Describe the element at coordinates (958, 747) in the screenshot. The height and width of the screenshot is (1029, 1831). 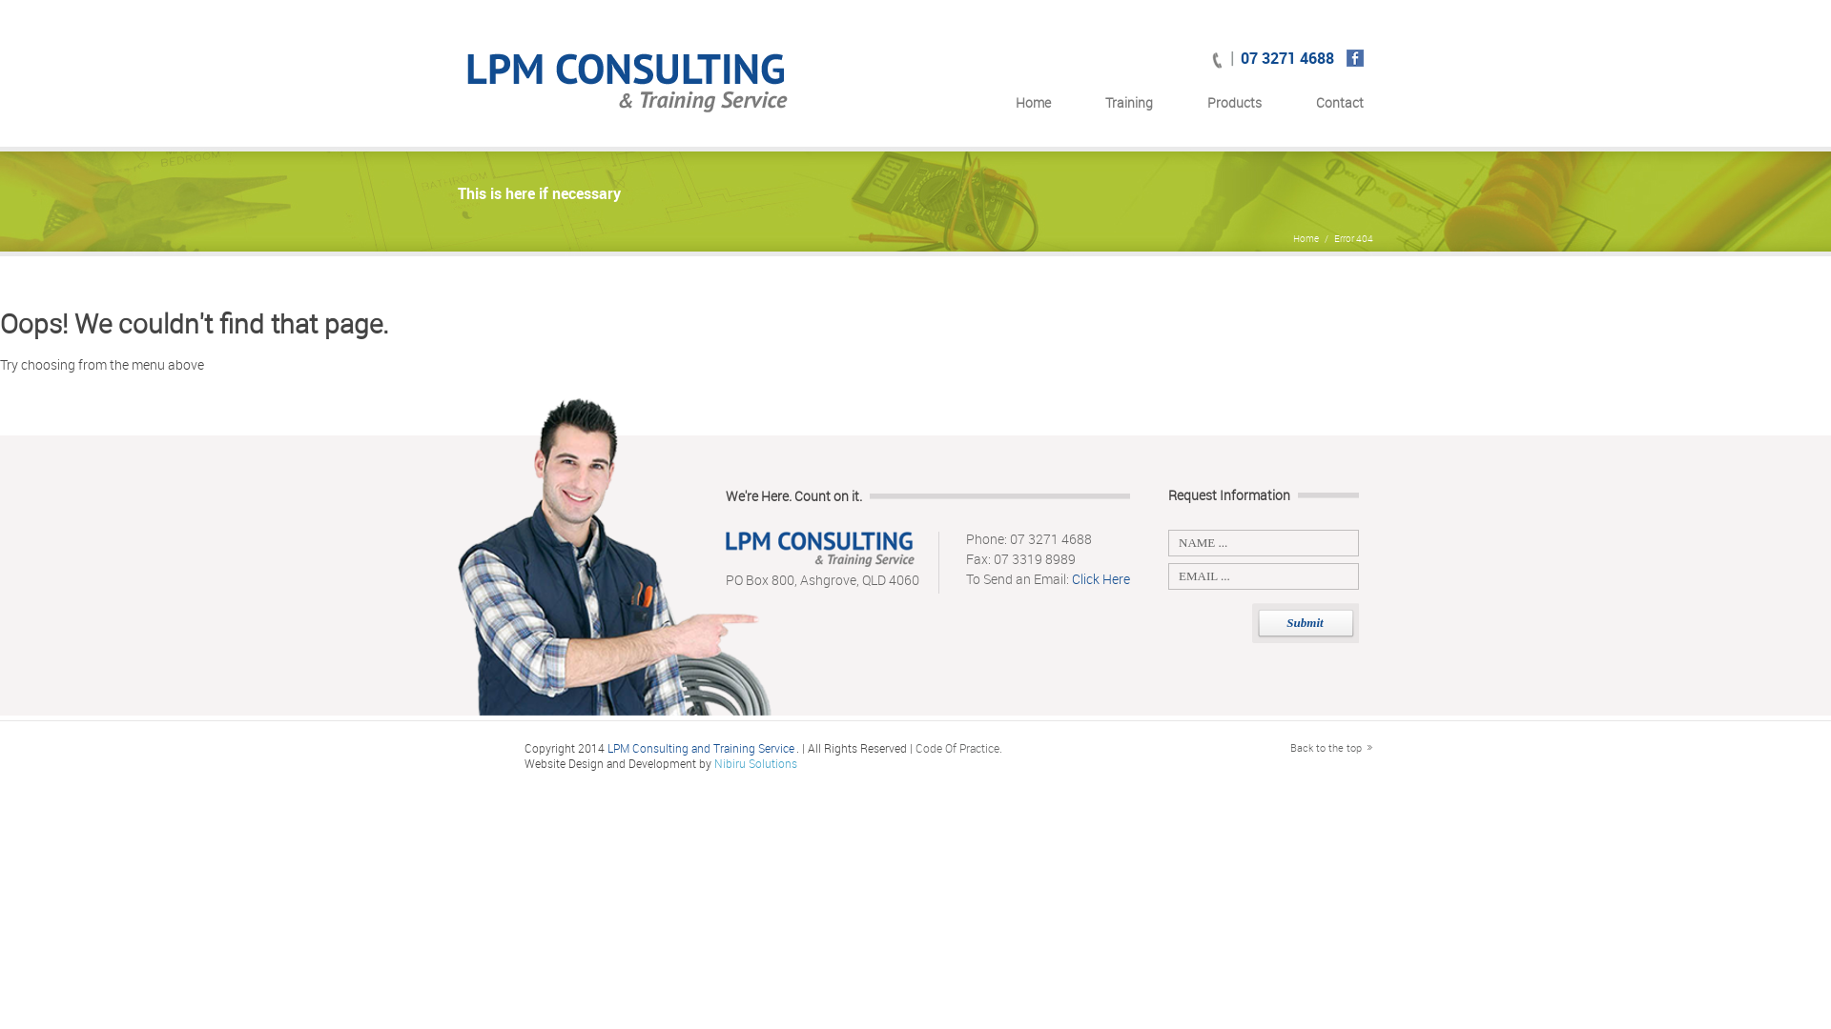
I see `'Code Of Practice.'` at that location.